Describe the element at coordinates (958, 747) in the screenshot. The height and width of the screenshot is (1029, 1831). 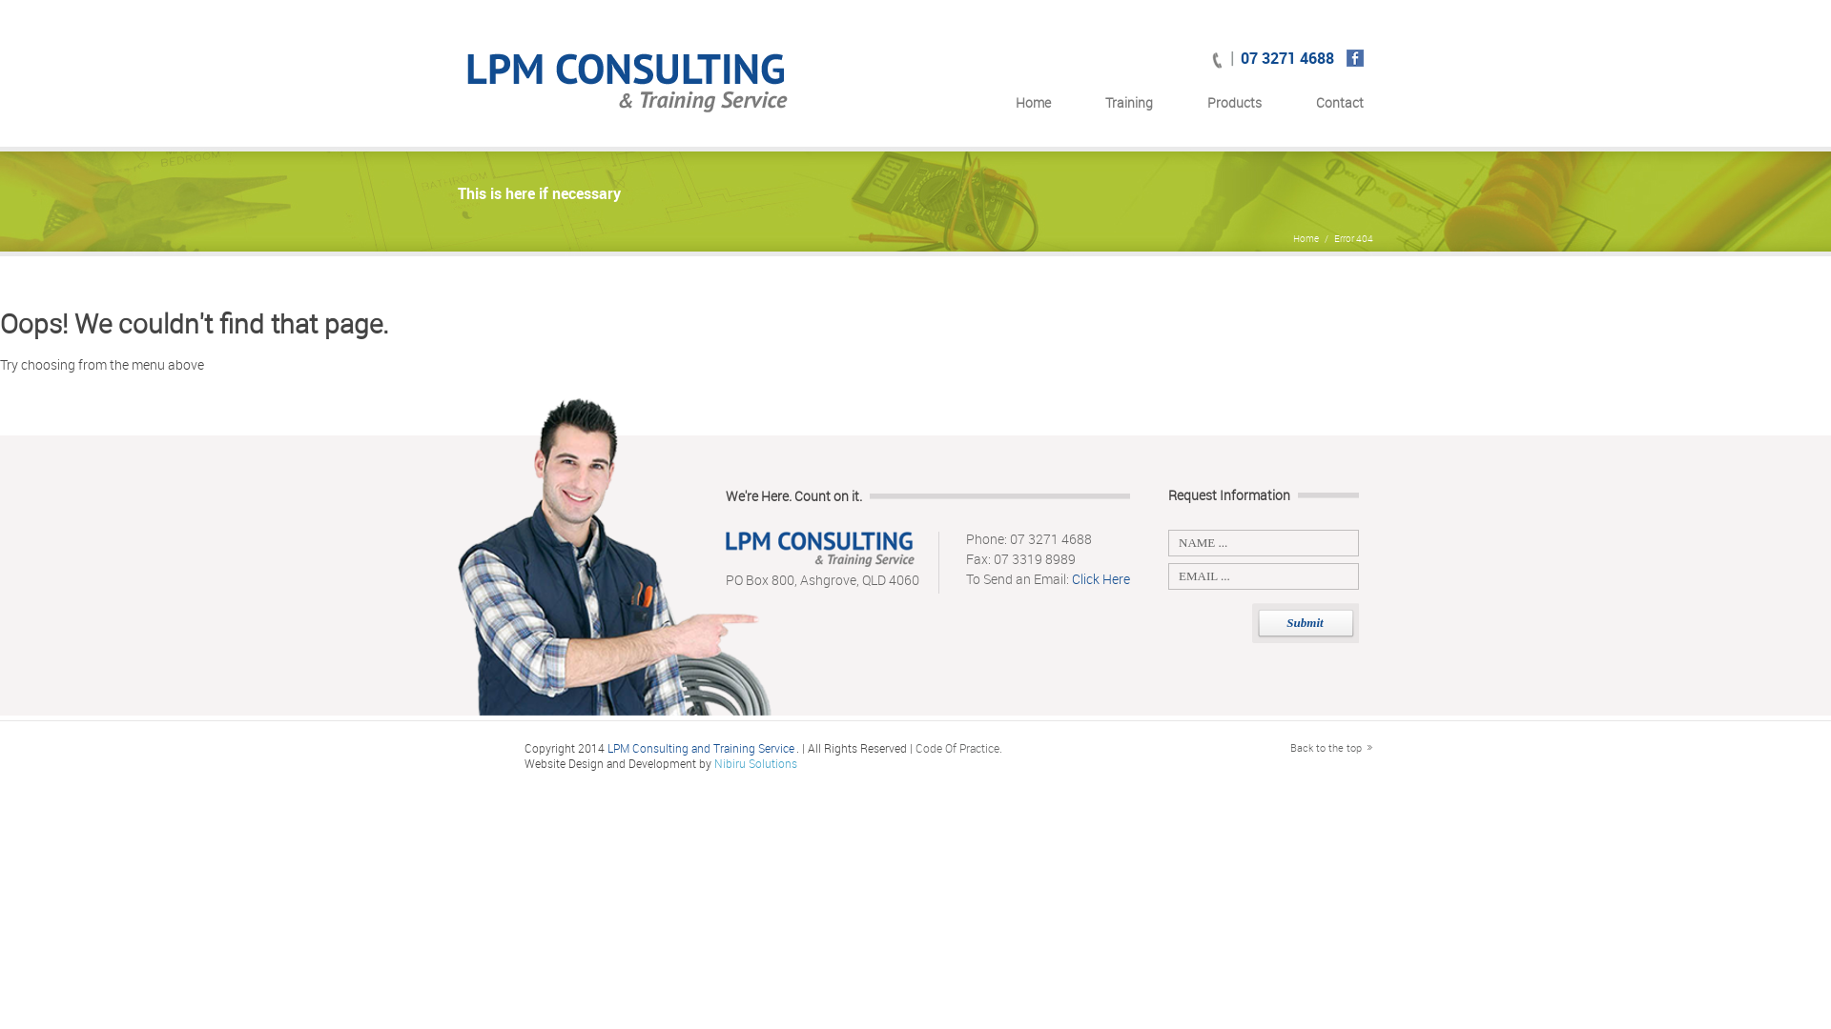
I see `'Code Of Practice.'` at that location.